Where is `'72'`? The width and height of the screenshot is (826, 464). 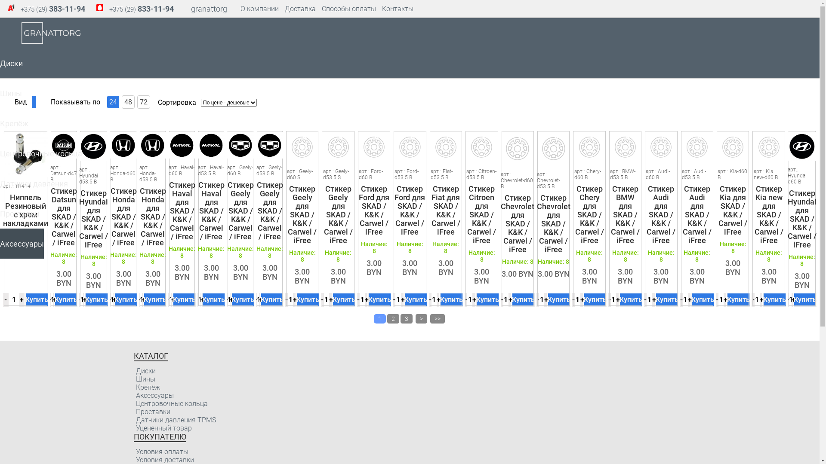 '72' is located at coordinates (144, 101).